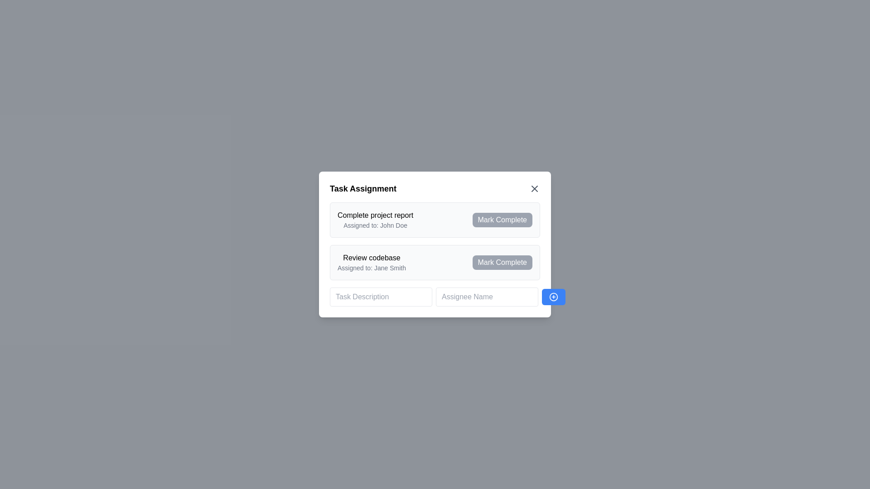 The image size is (870, 489). Describe the element at coordinates (502, 262) in the screenshot. I see `the button marked 'Review codebase'` at that location.